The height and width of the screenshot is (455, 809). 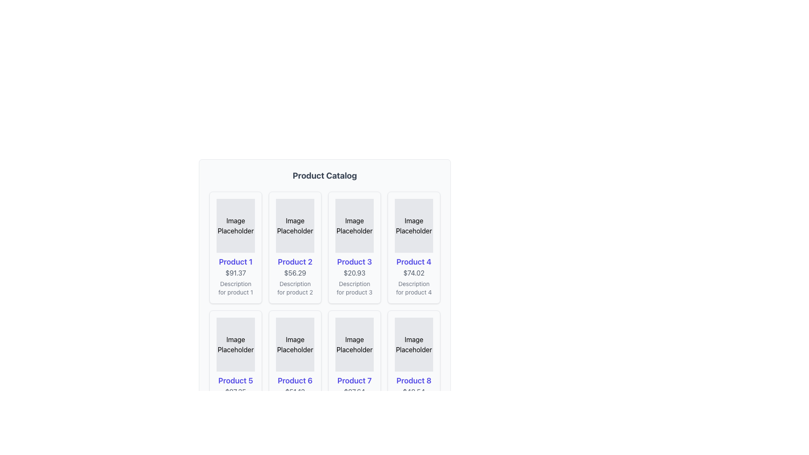 What do you see at coordinates (414, 287) in the screenshot?
I see `text segment styled in a smaller gray font that reads 'Description for product 4', located under the price '$74.02' in the product card for 'Product 4'` at bounding box center [414, 287].